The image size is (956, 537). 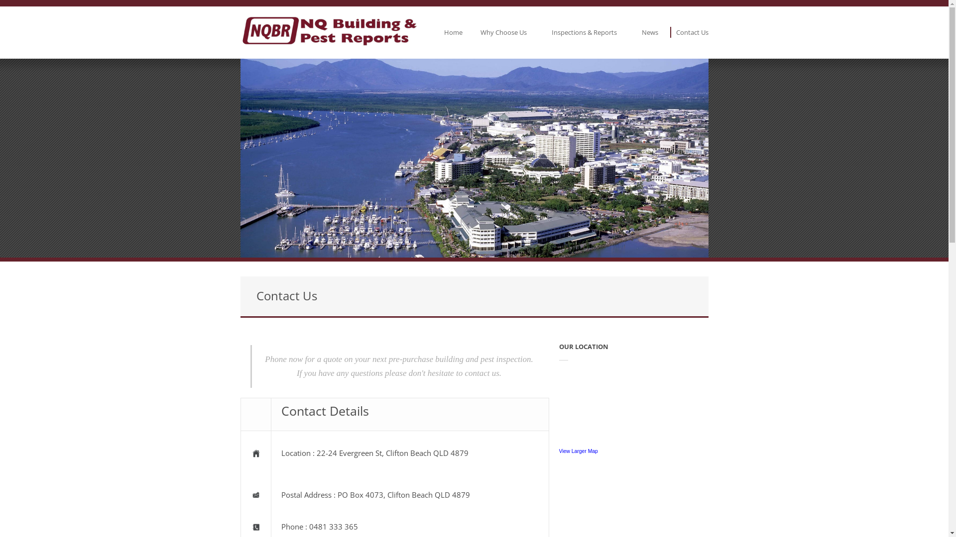 I want to click on 'Home', so click(x=452, y=32).